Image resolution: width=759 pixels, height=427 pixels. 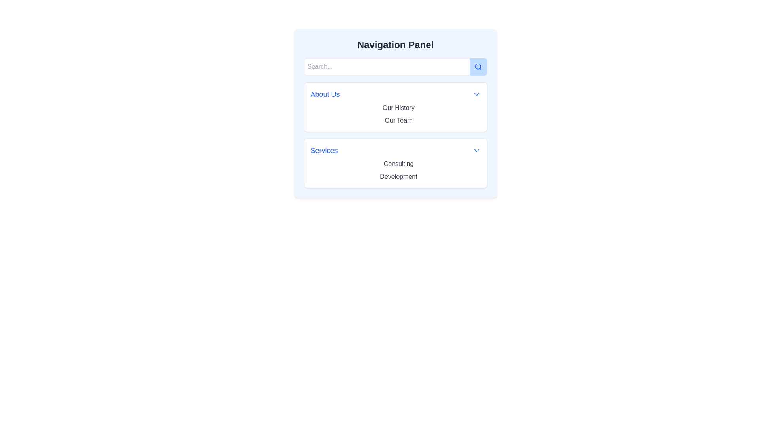 I want to click on the 'Our Team' hyperlink in the navigation panel by, so click(x=398, y=120).